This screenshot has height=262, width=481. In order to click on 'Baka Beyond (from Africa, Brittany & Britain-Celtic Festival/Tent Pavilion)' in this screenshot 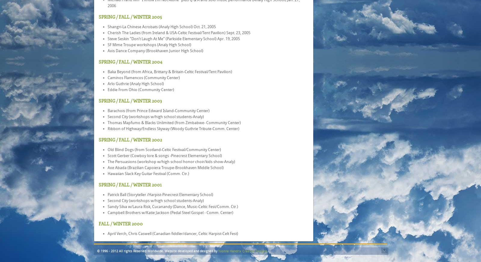, I will do `click(169, 72)`.